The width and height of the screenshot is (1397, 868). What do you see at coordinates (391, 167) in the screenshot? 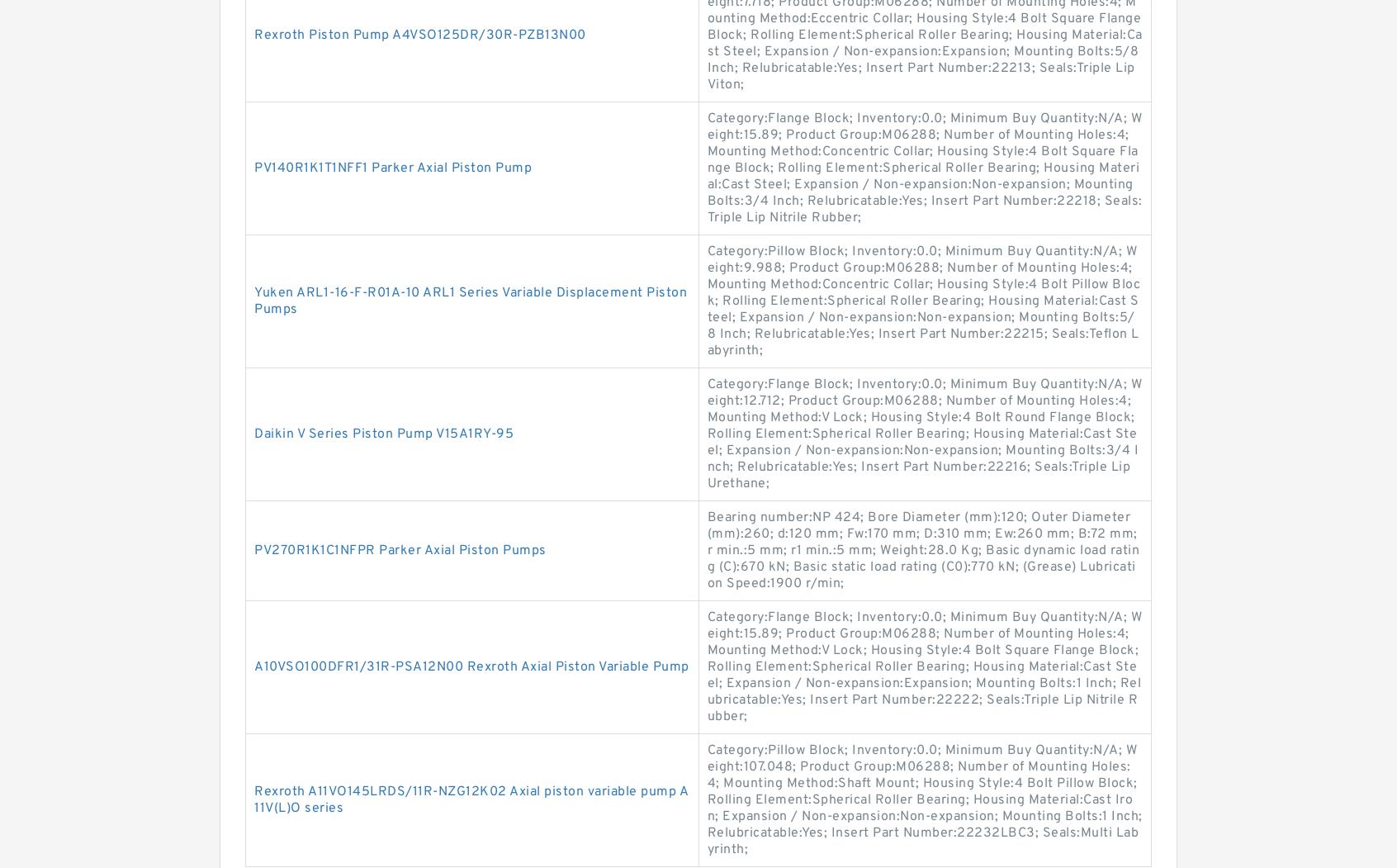
I see `'PV140R1K1T1NFF1 Parker Axial Piston Pump'` at bounding box center [391, 167].